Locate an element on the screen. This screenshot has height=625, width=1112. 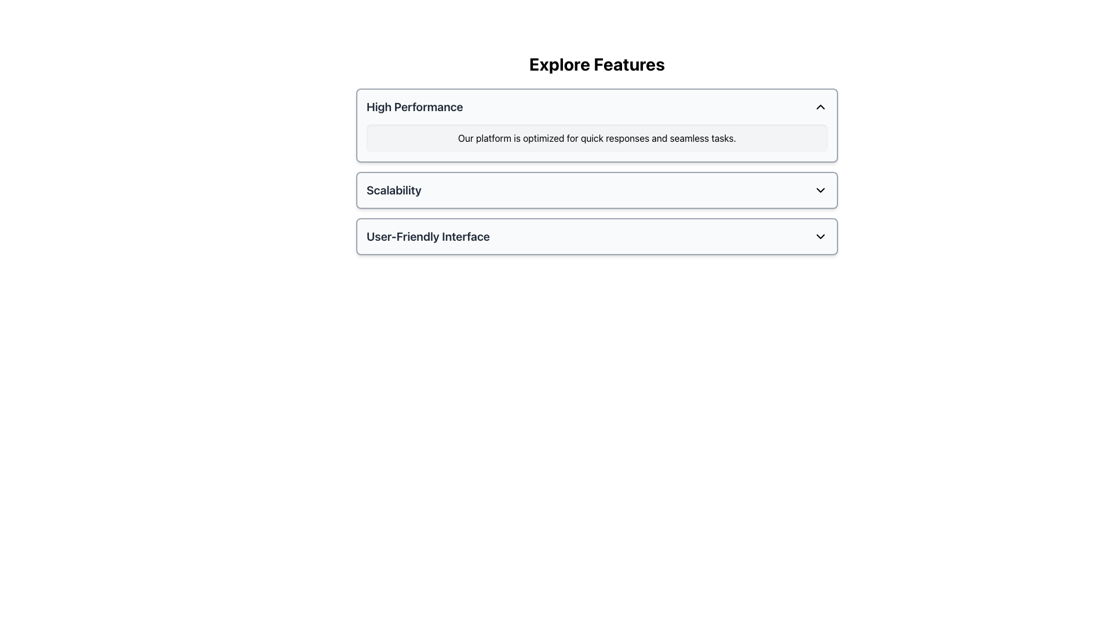
the Text label that serves as the title for the section within the collapsible card under 'Explore Features' is located at coordinates (415, 107).